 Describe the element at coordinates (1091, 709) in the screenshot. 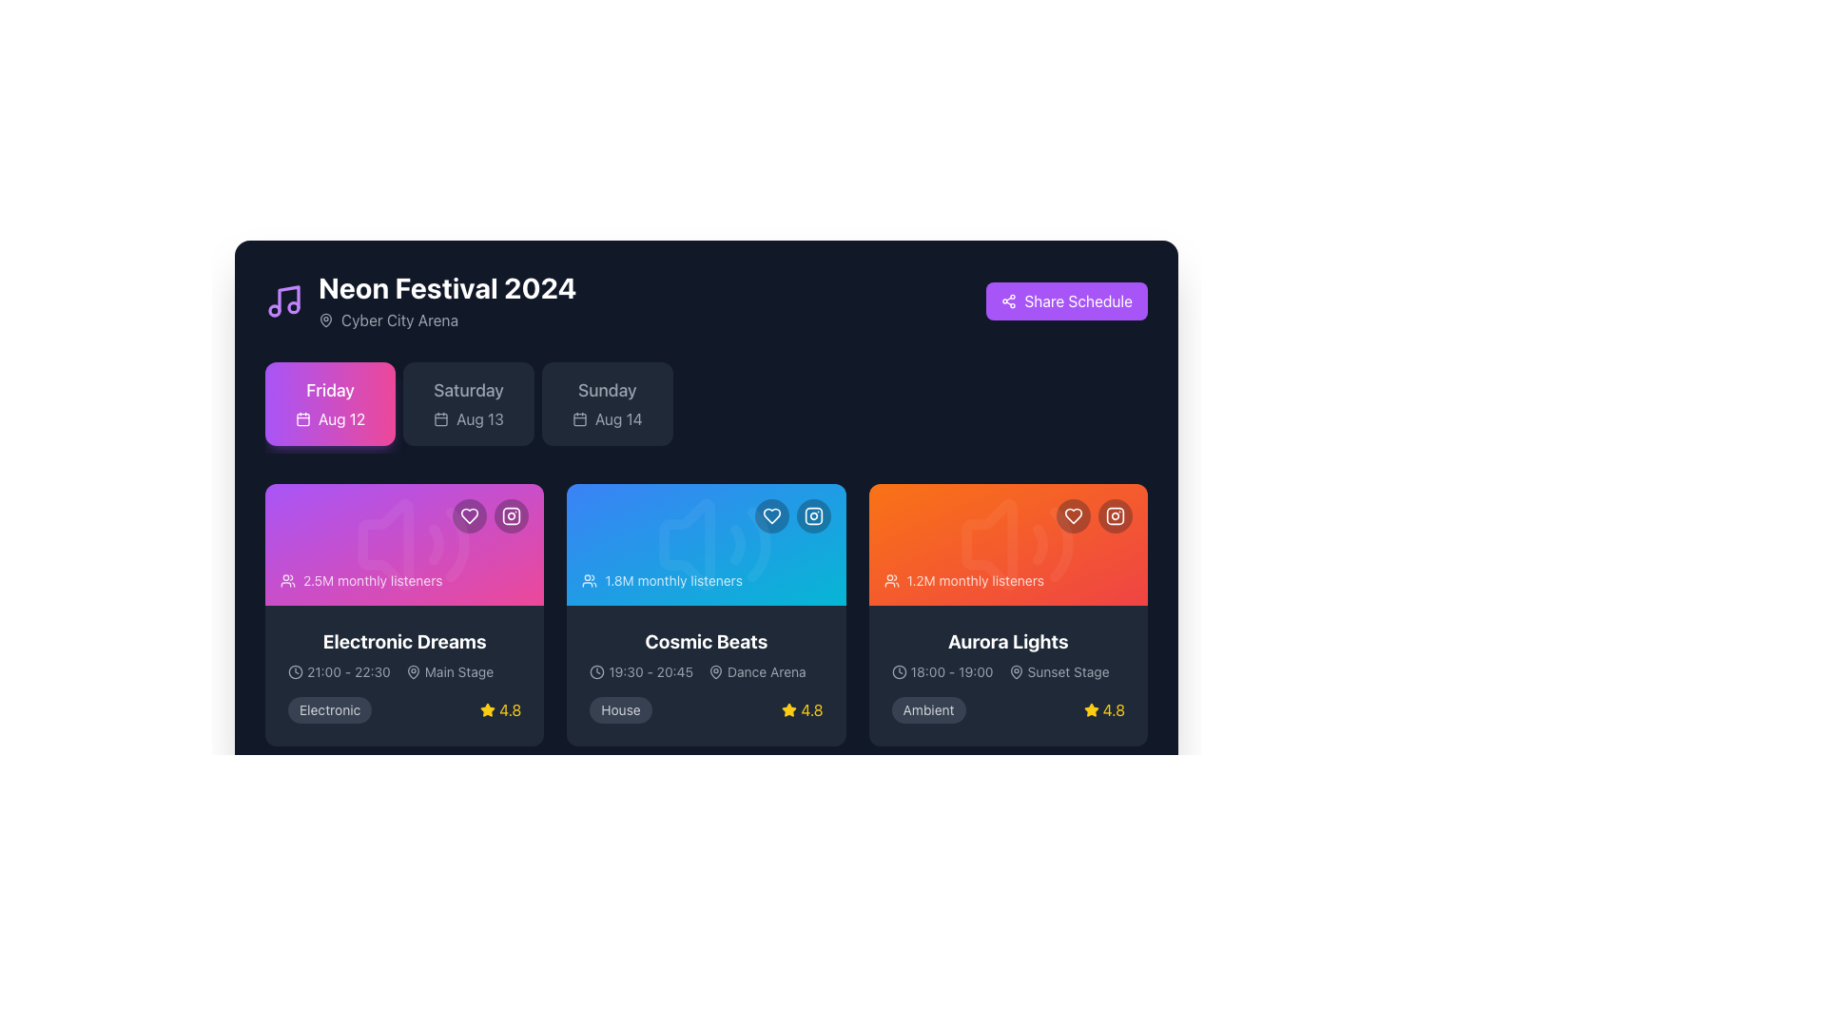

I see `the star-shaped icon with a yellow fill and dark outline located in the lower-right corner of the 'Aurora Lights' card, below the 'Ambient' tag and next to the rating score '4.8'` at that location.